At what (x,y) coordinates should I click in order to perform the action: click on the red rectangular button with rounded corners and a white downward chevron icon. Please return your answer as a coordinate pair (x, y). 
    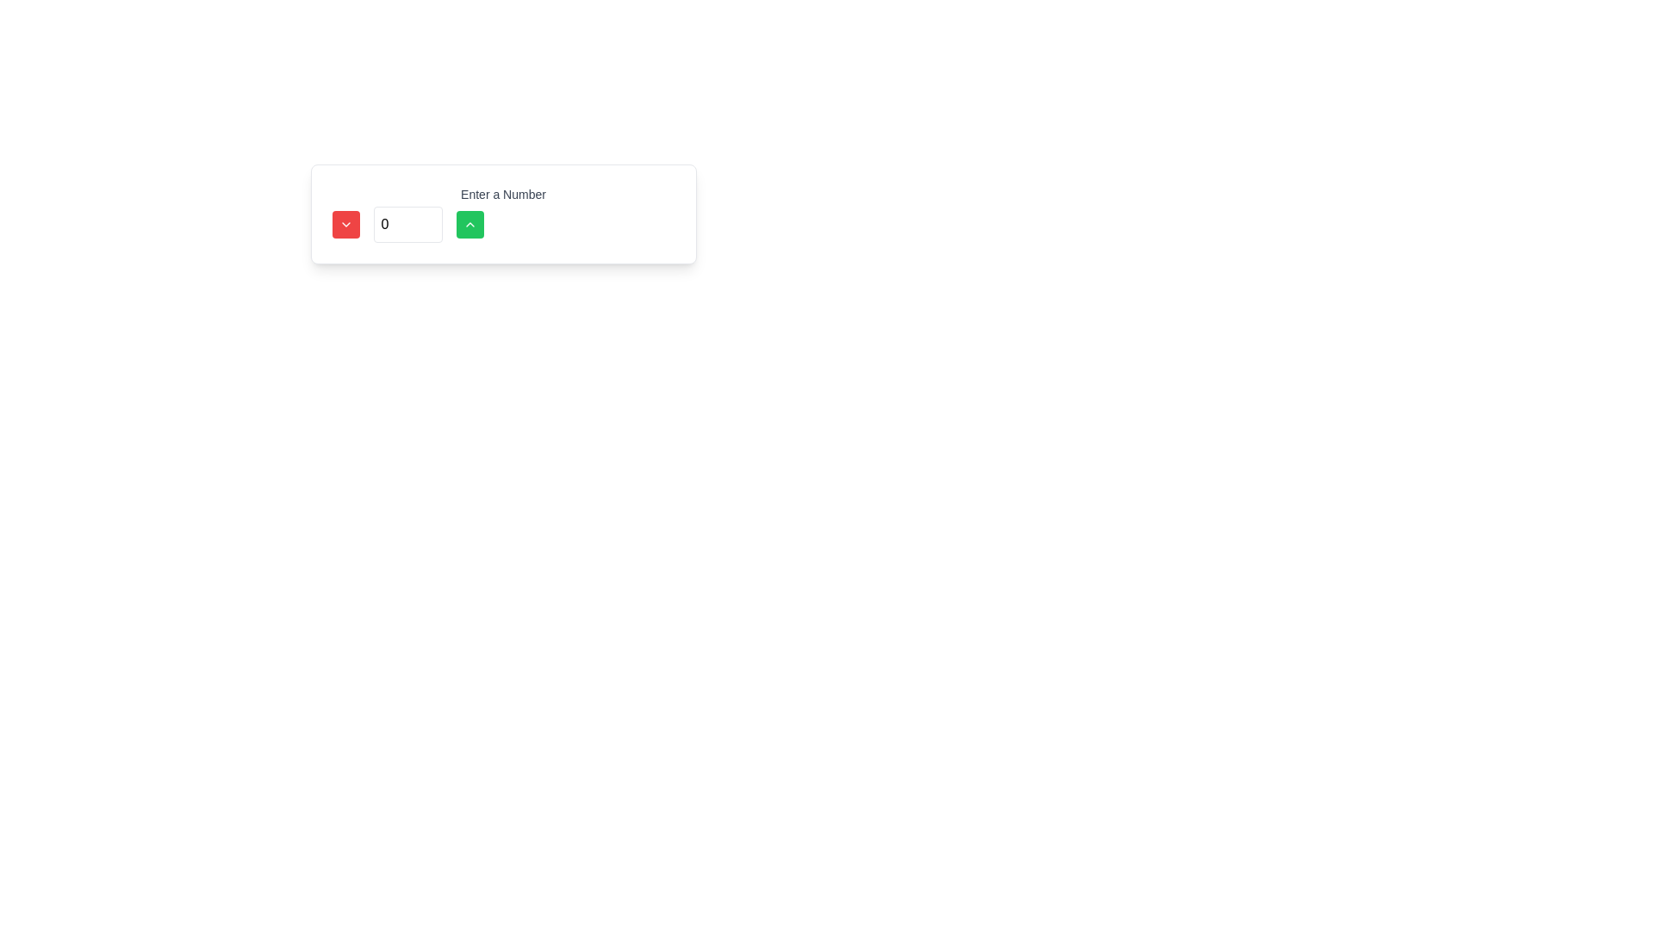
    Looking at the image, I should click on (345, 224).